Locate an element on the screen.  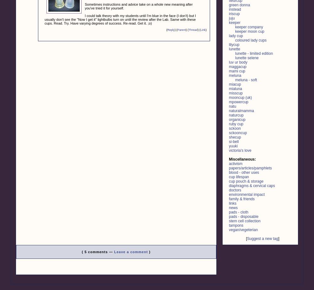
'mpowercup' is located at coordinates (239, 102).